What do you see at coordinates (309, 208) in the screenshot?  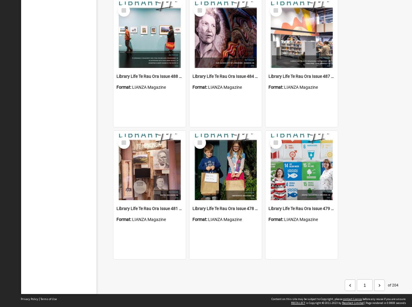 I see `'Library Life Te Rau Ora Issue 479 June 2020'` at bounding box center [309, 208].